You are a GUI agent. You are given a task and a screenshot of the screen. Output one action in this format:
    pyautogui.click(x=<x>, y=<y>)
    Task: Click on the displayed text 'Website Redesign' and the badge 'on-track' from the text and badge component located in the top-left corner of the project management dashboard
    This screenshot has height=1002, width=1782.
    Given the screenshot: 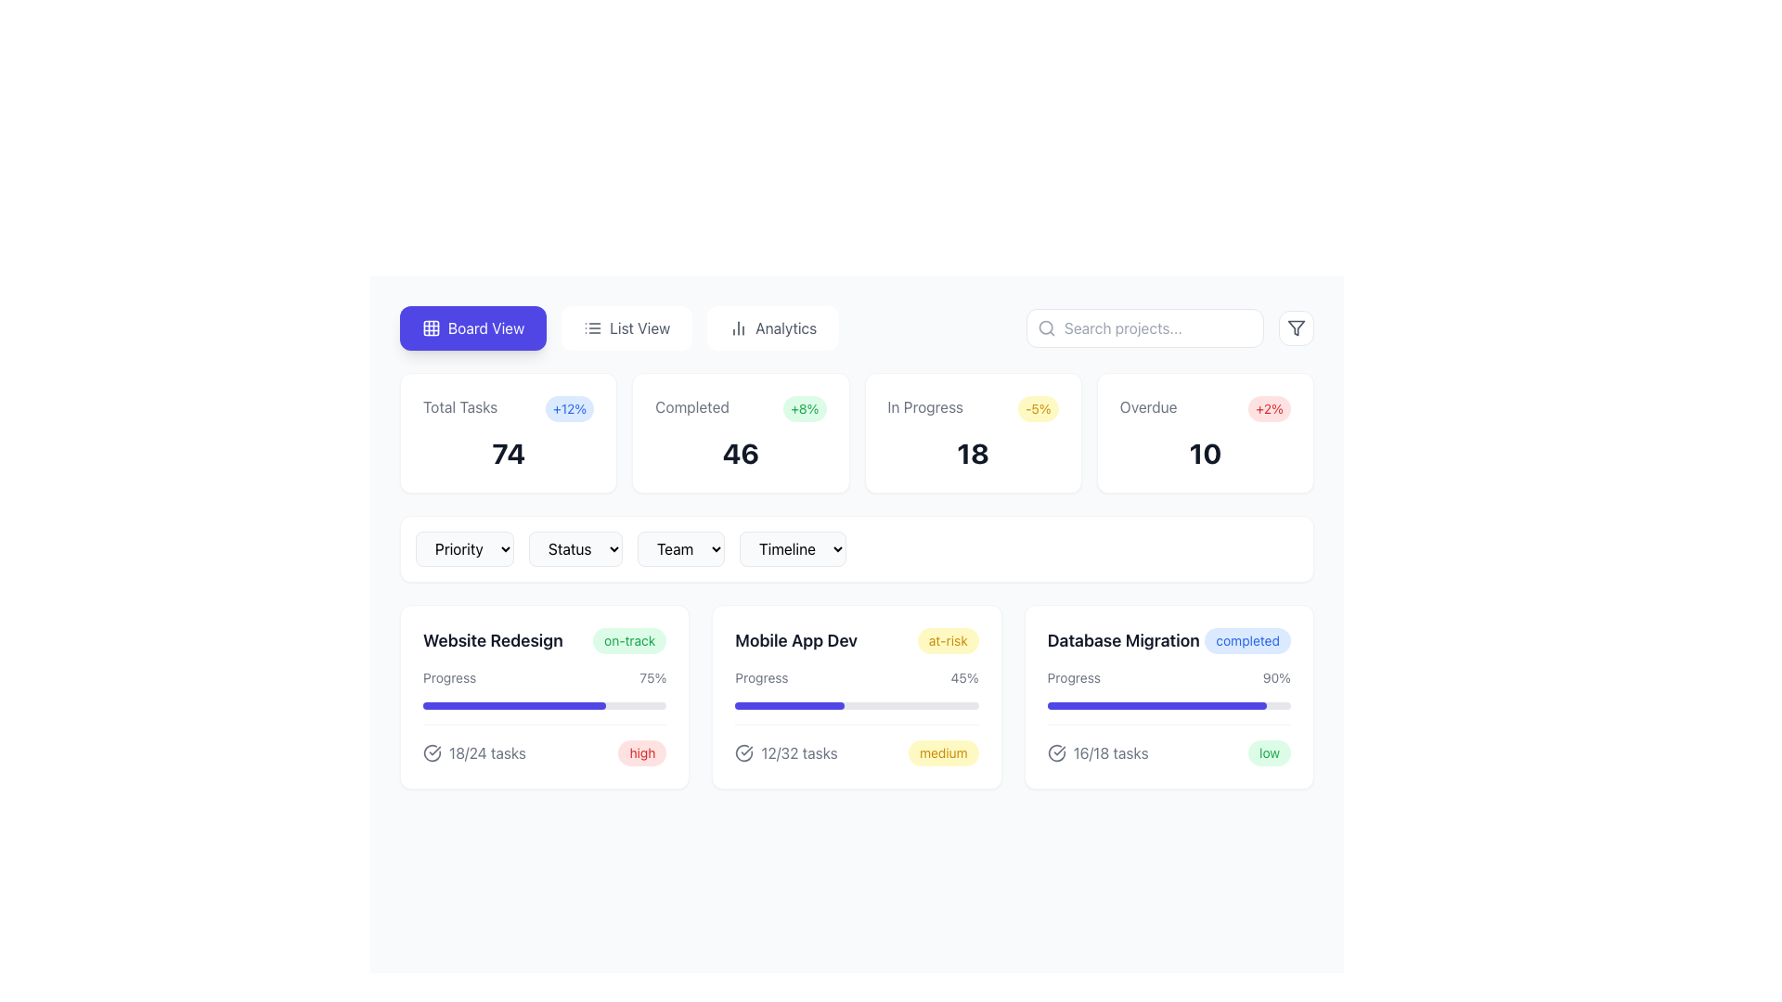 What is the action you would take?
    pyautogui.click(x=544, y=639)
    